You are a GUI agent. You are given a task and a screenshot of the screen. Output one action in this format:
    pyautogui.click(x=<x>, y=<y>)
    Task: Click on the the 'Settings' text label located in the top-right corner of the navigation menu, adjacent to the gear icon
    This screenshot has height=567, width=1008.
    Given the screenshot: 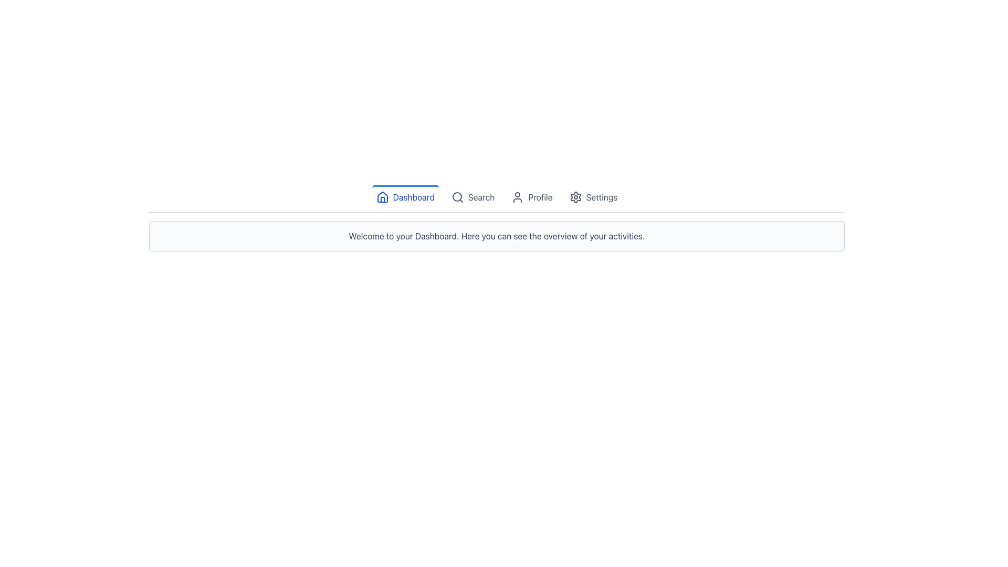 What is the action you would take?
    pyautogui.click(x=602, y=197)
    